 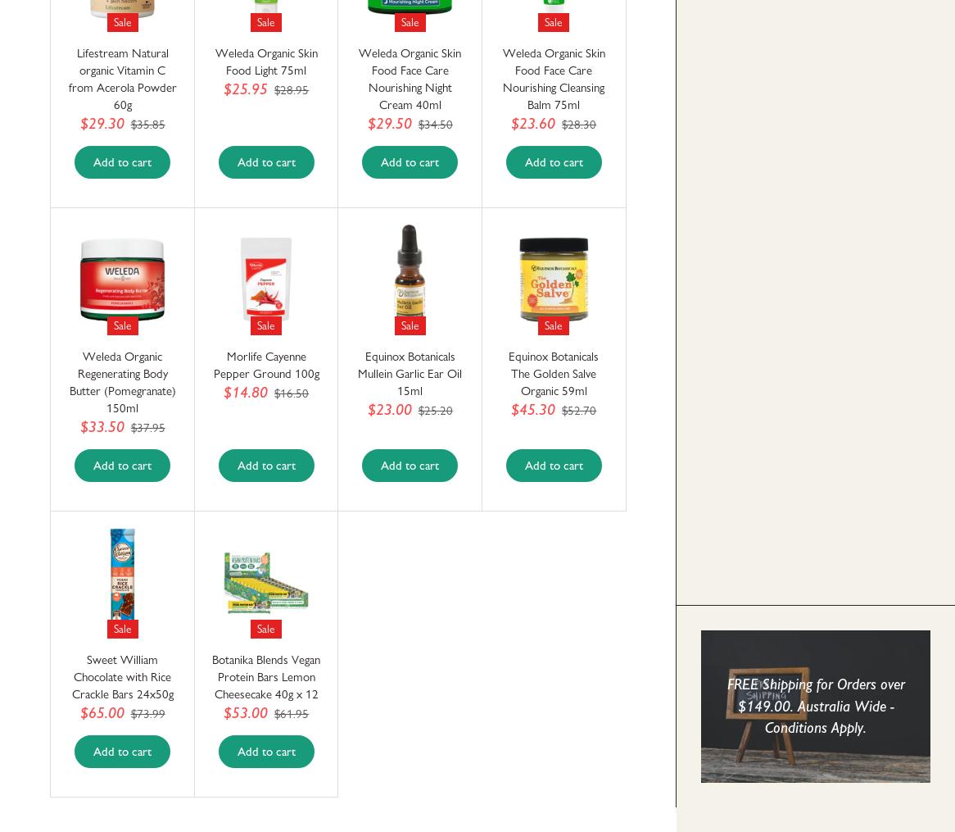 I want to click on 'Friendly Kitchen and Household Products', so click(x=149, y=61).